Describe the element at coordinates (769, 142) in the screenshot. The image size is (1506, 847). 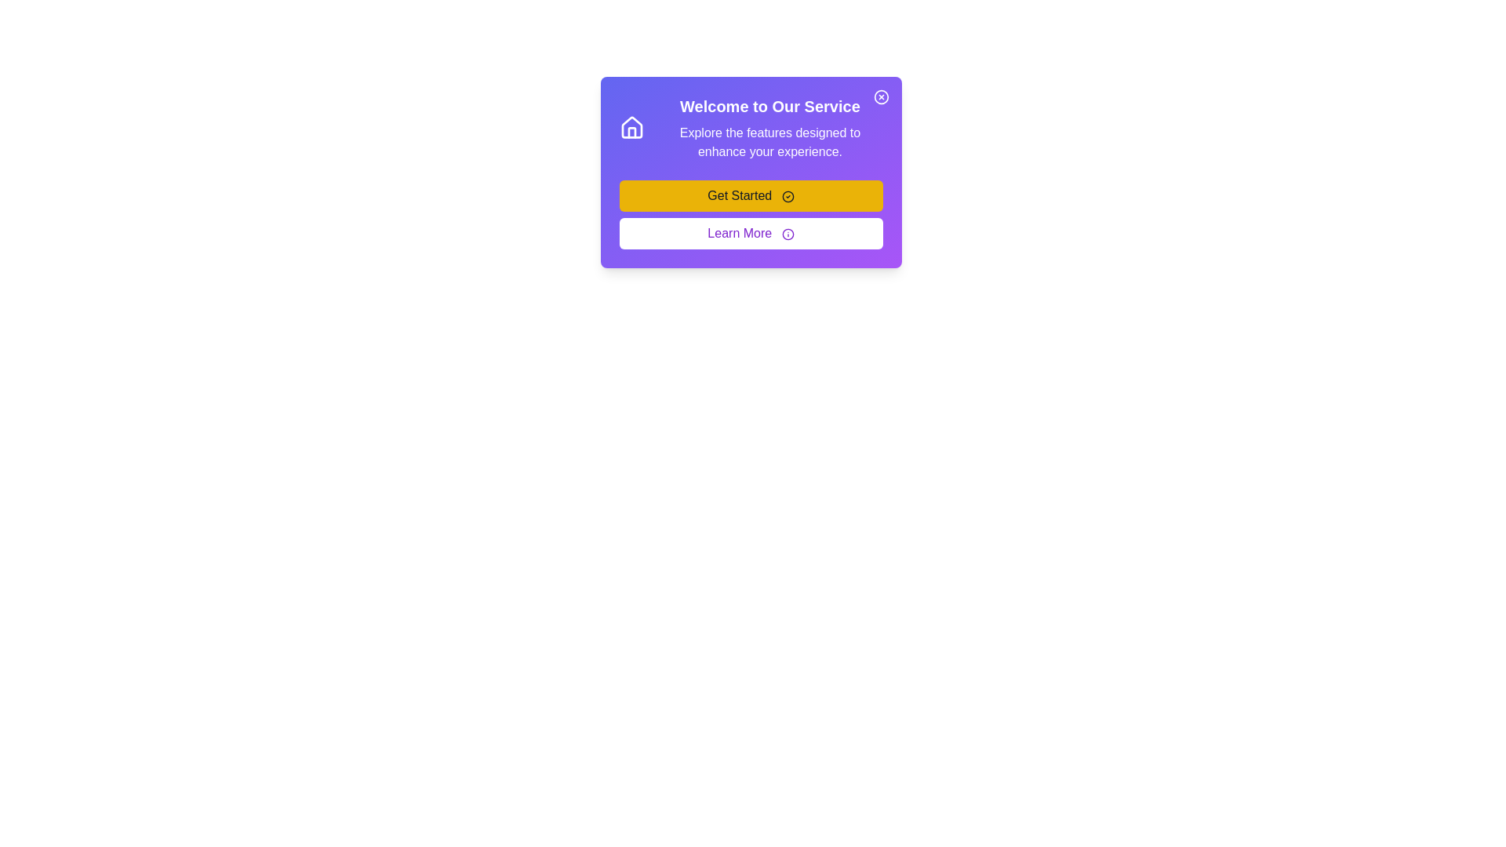
I see `the static text block displaying 'Explore the features designed to enhance your experience.' which is centrally aligned within a card-like interface and located directly below the heading 'Welcome to Our Service'` at that location.